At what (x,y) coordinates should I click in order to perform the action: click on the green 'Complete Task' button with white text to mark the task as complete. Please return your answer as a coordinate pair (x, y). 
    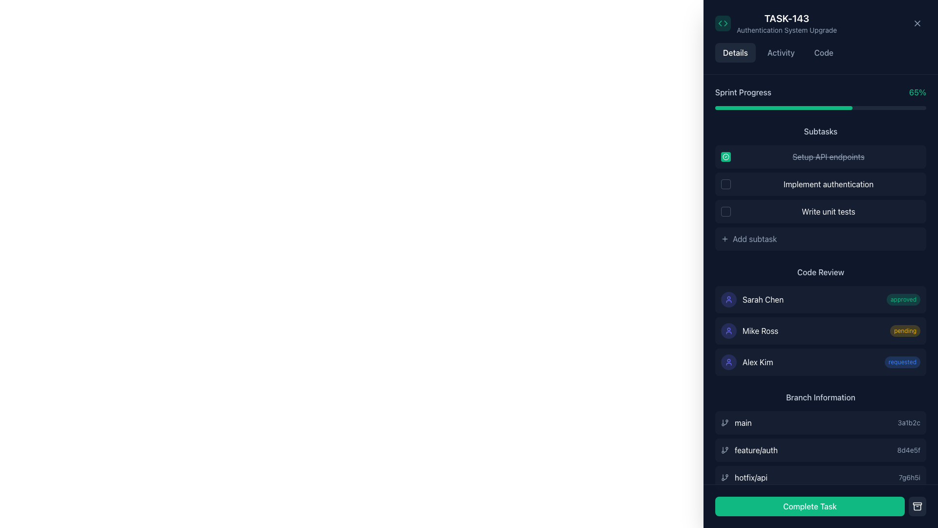
    Looking at the image, I should click on (810, 506).